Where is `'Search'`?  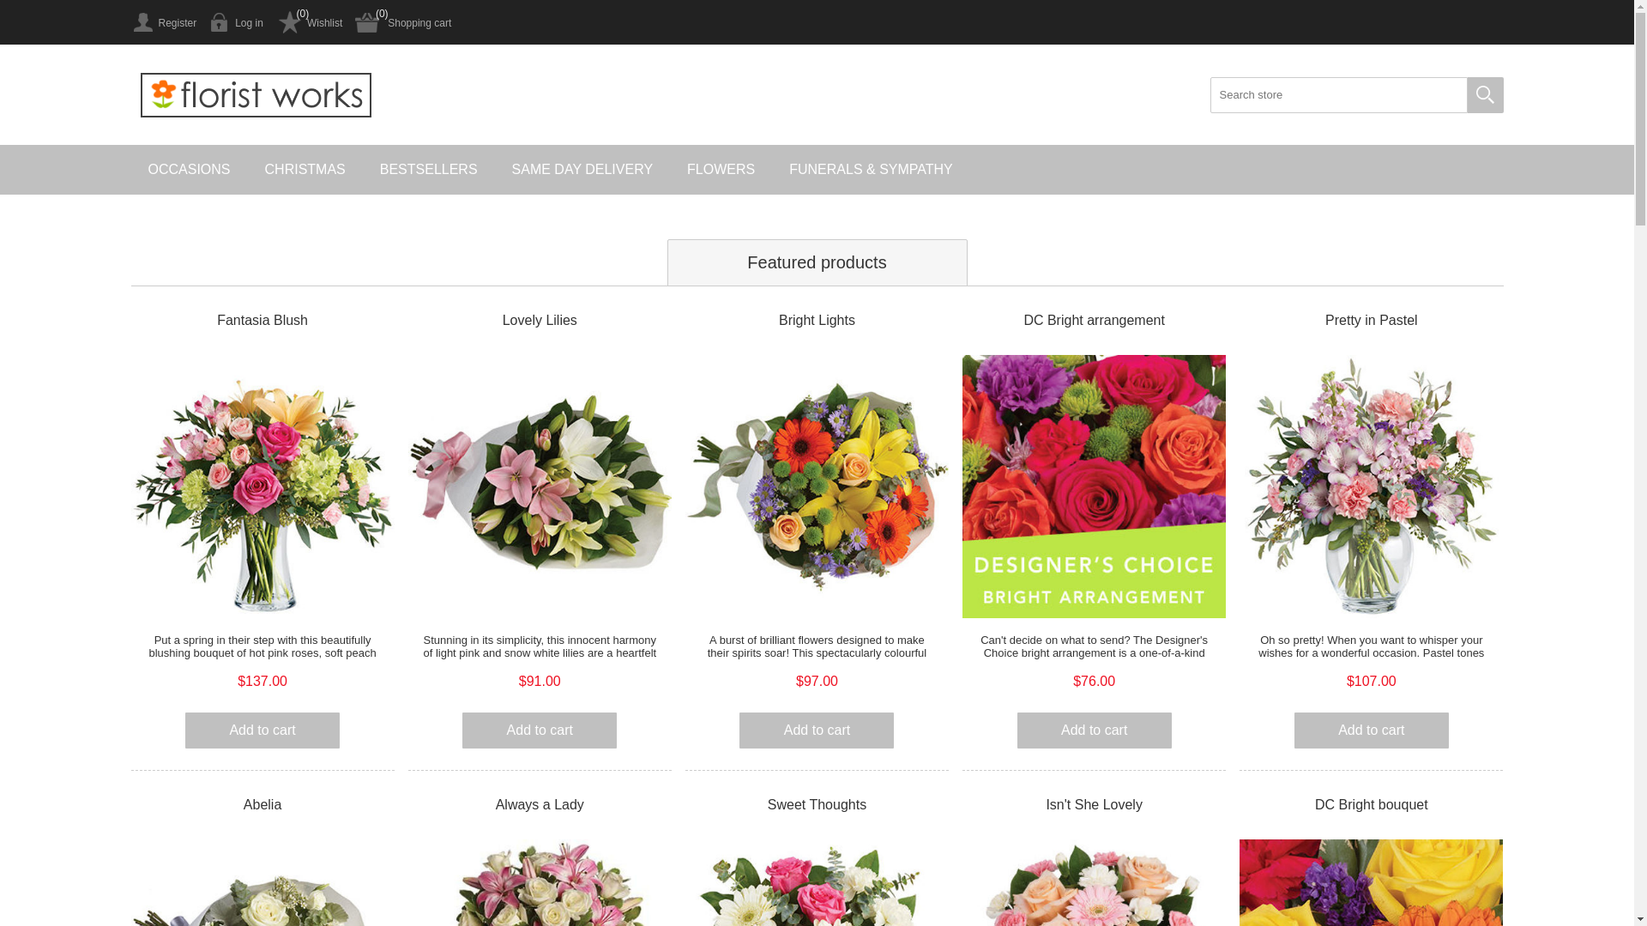 'Search' is located at coordinates (1484, 95).